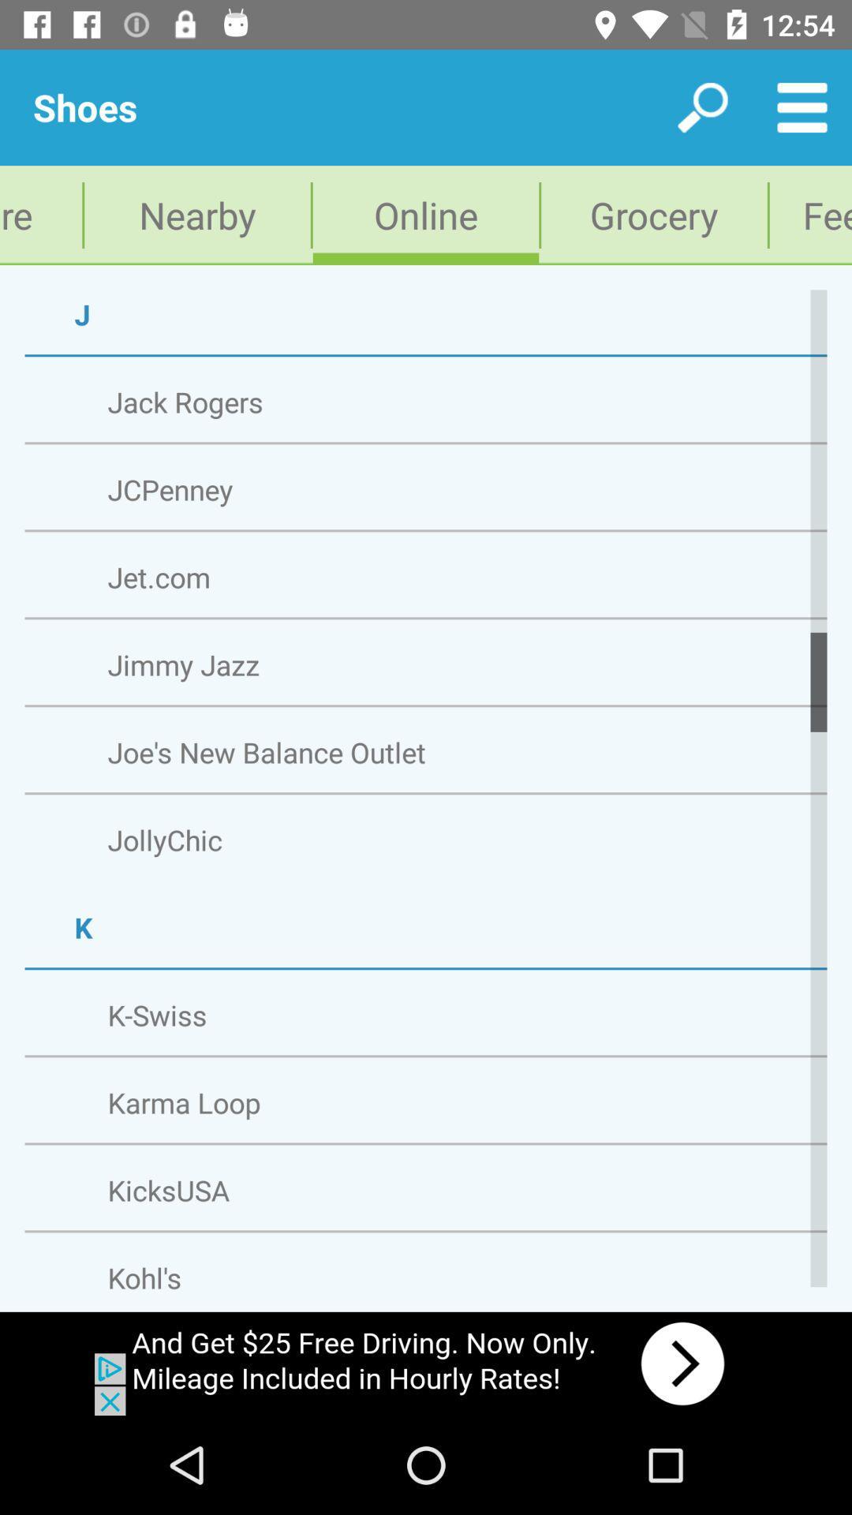  I want to click on the adverisment, so click(426, 1363).